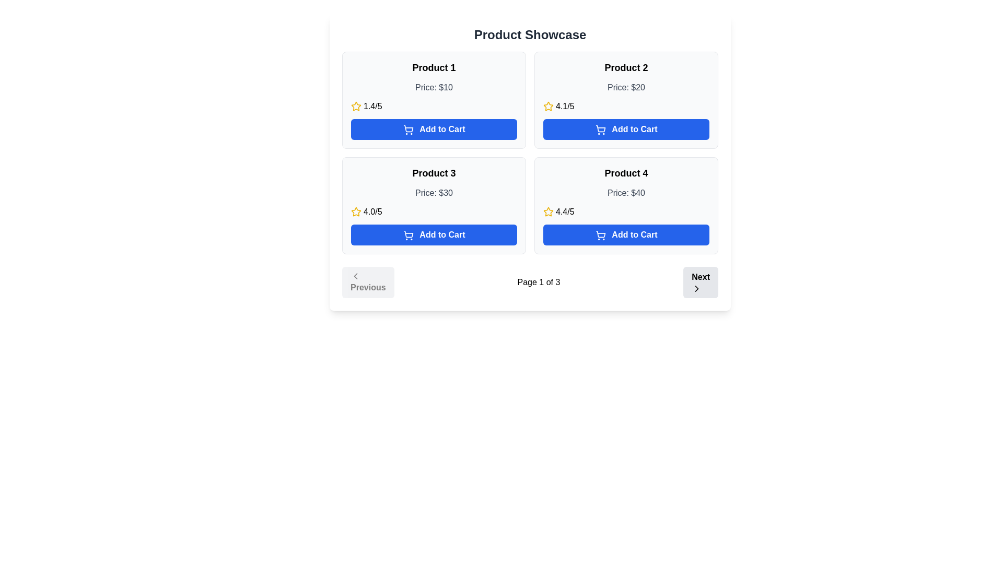 This screenshot has width=1003, height=564. Describe the element at coordinates (626, 172) in the screenshot. I see `the bold heading text for the product in the bottom-right corner of the grid layout, which is located above the price and rating section of the fourth product card` at that location.